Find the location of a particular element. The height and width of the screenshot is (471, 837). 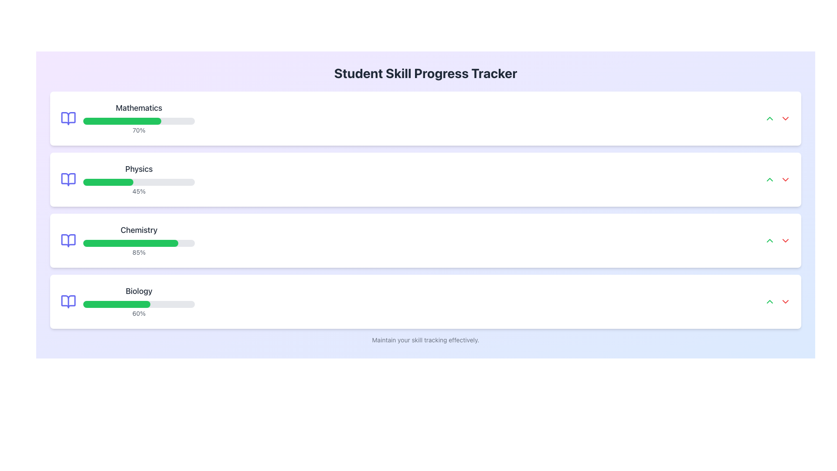

the green upward chevron-shaped icon located in the top-right corner of the 'Mathematics' section group is located at coordinates (770, 119).